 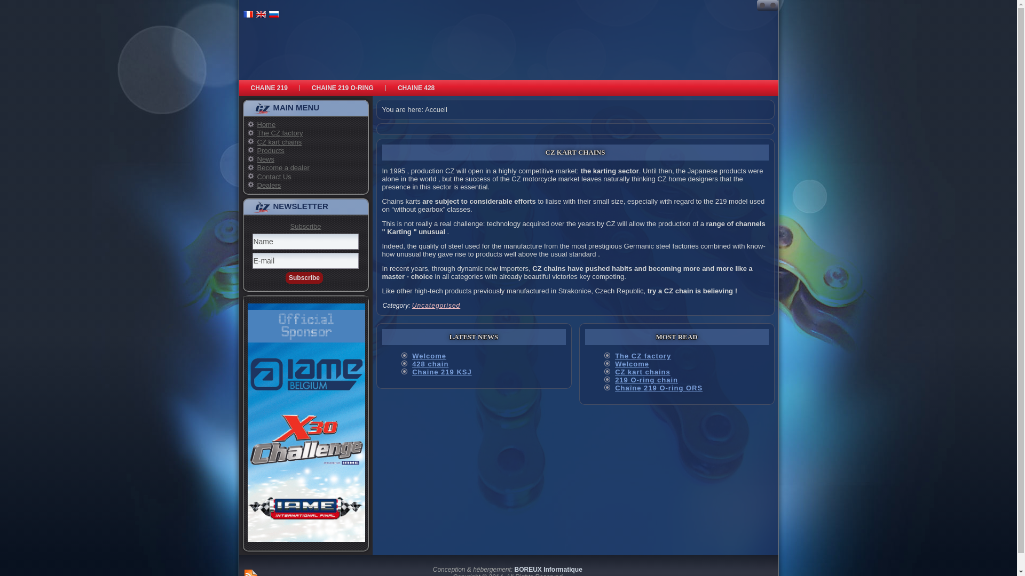 What do you see at coordinates (266, 159) in the screenshot?
I see `'News'` at bounding box center [266, 159].